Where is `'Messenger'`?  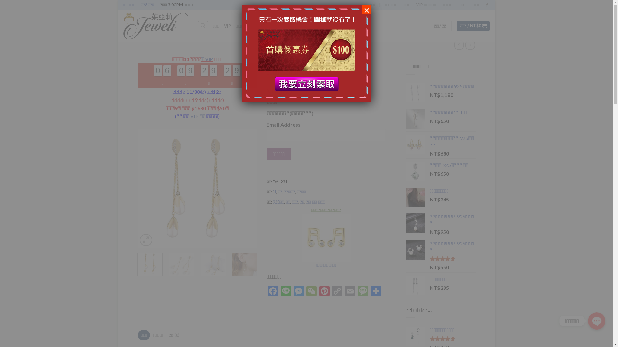
'Messenger' is located at coordinates (292, 291).